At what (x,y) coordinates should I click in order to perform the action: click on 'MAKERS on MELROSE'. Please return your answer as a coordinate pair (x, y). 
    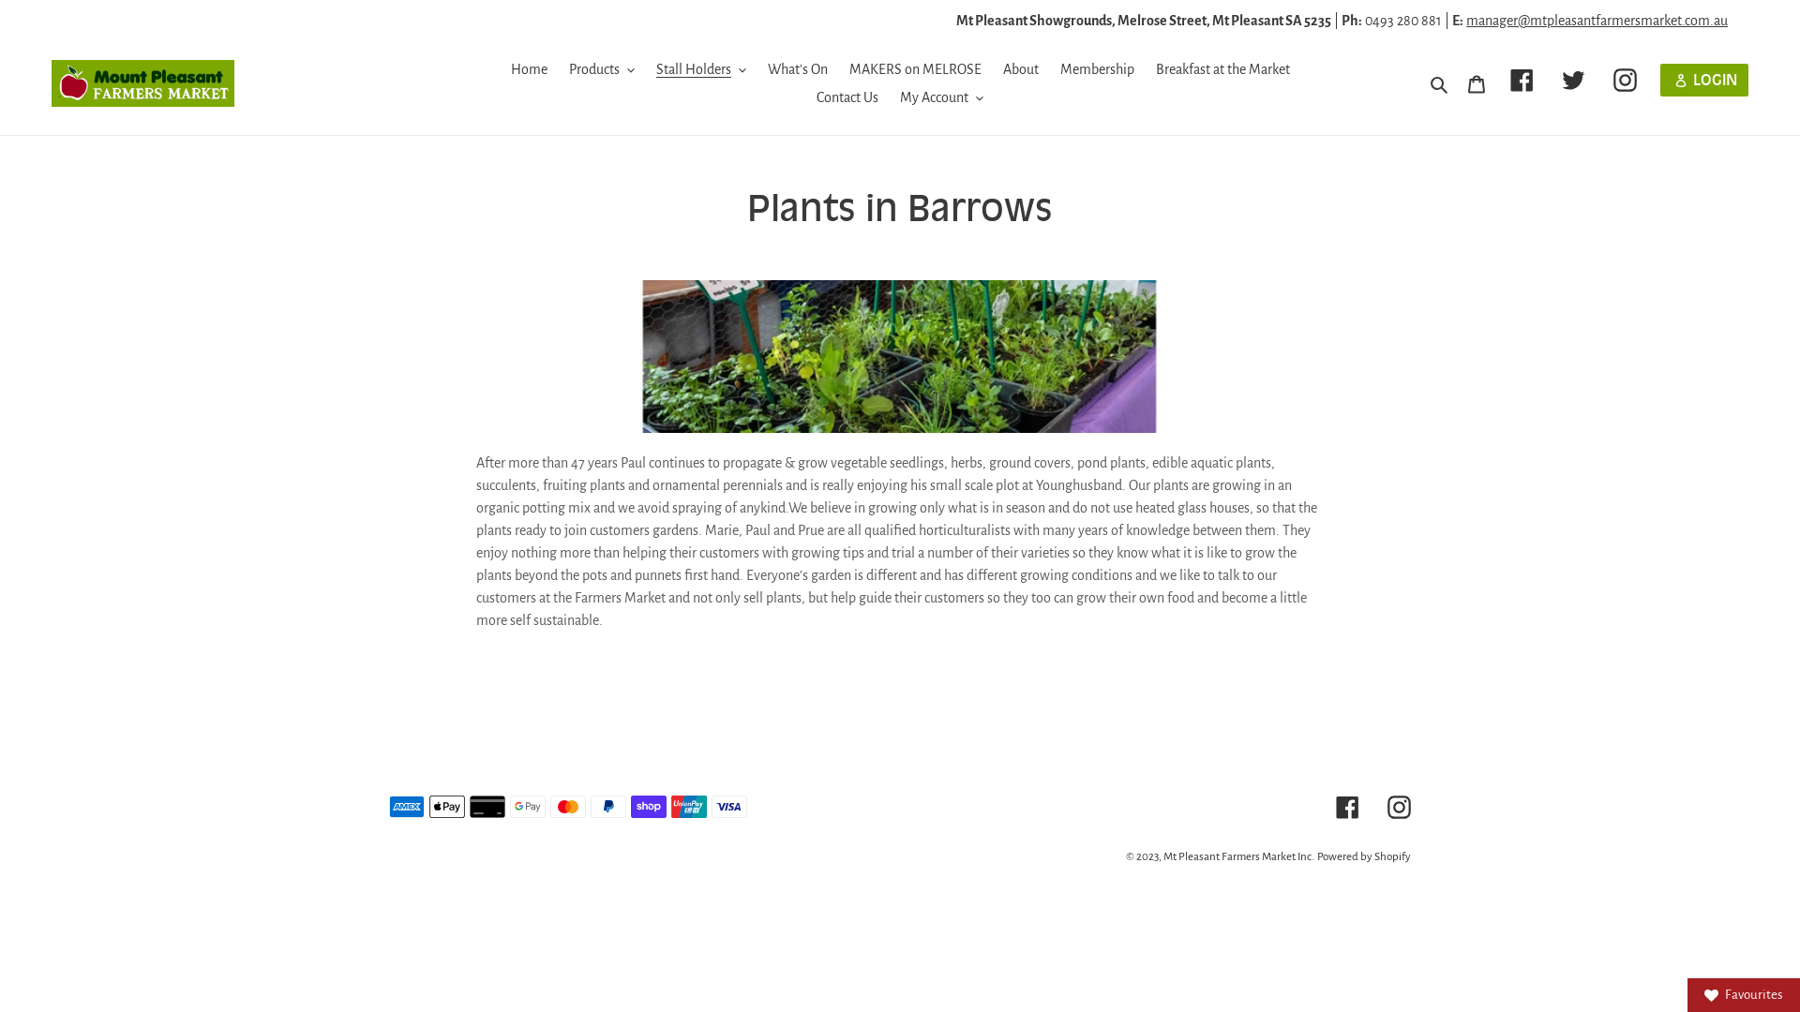
    Looking at the image, I should click on (915, 67).